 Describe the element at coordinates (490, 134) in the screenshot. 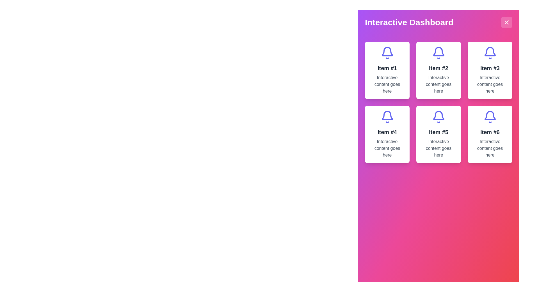

I see `the informative card or panel located in the bottom-right corner of the grid, which provides information with a title, icon, and description` at that location.